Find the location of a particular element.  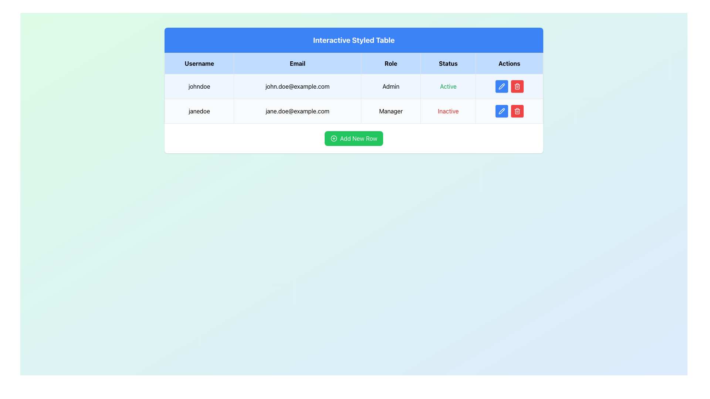

the 'Role' column header text label, which is the third header in a row of five within the table layout is located at coordinates (390, 63).